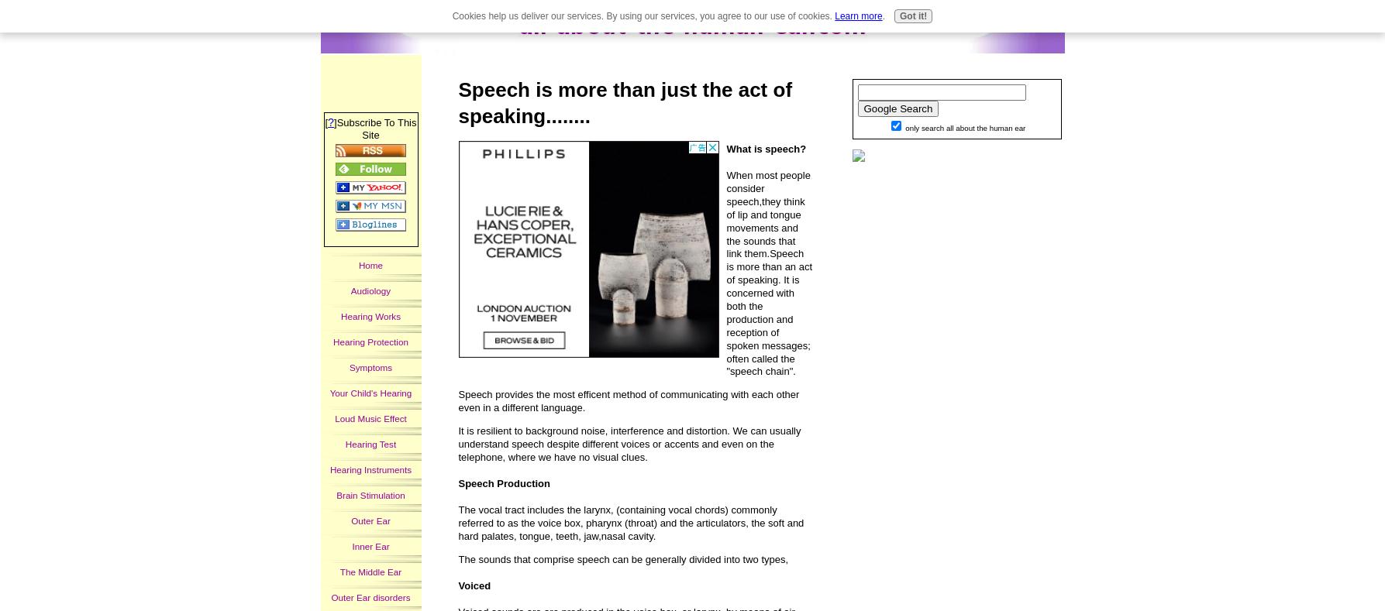 Image resolution: width=1385 pixels, height=611 pixels. Describe the element at coordinates (348, 366) in the screenshot. I see `'Symptoms'` at that location.